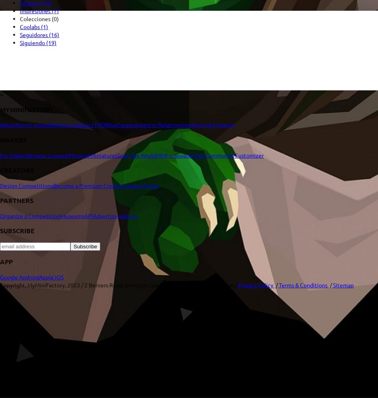 This screenshot has width=378, height=398. I want to click on 'Customizer', so click(235, 155).